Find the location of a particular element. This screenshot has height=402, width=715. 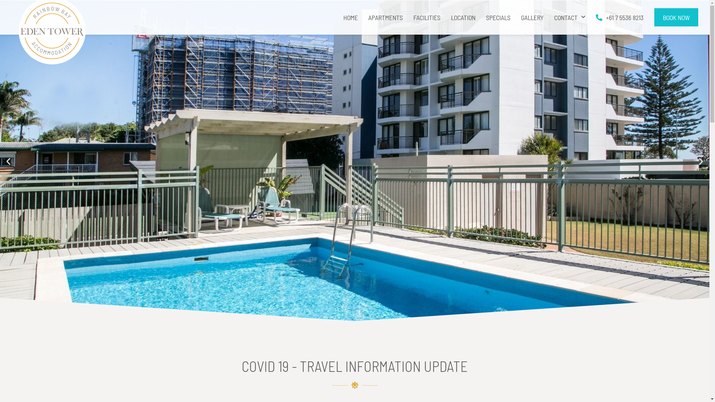

'SPECIALS' is located at coordinates (498, 17).